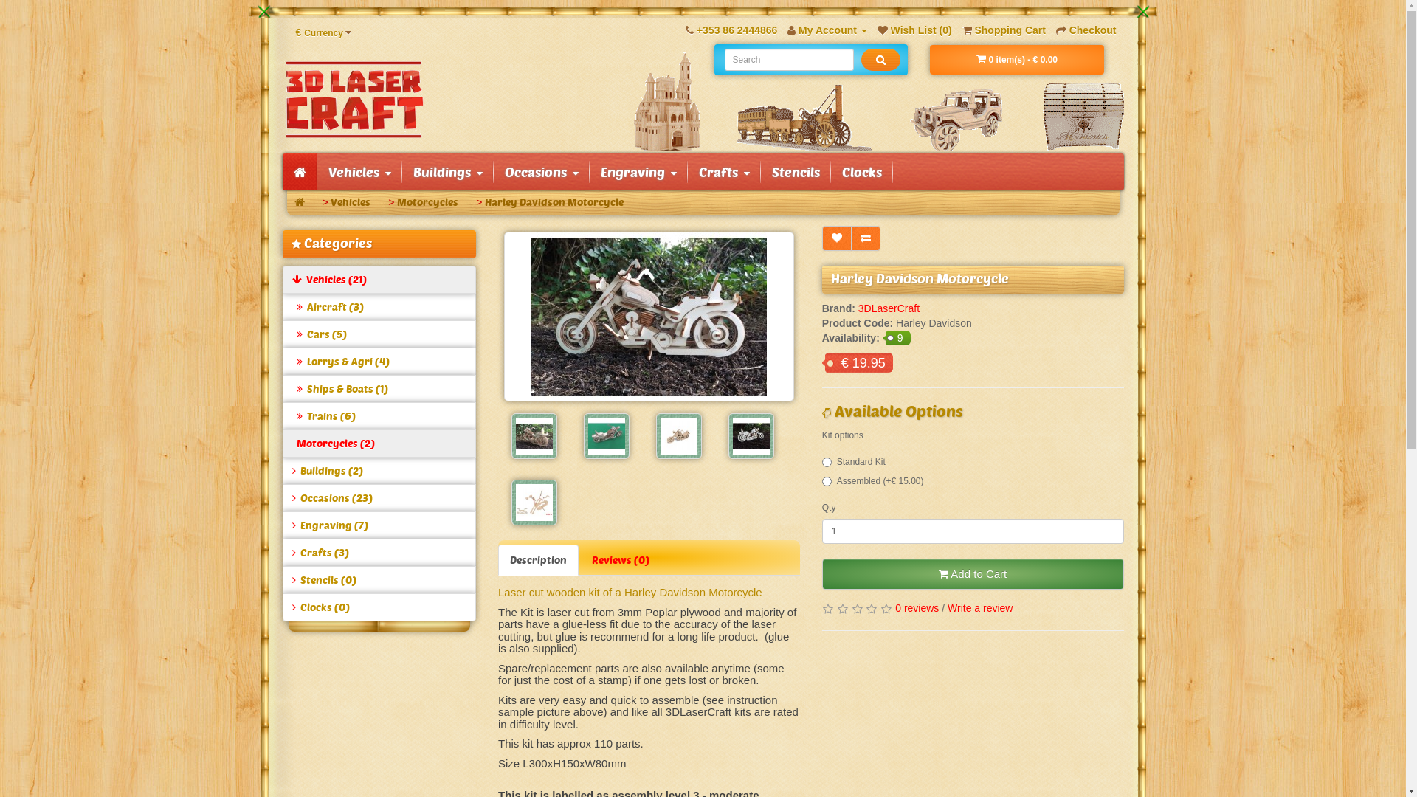 This screenshot has width=1417, height=797. What do you see at coordinates (282, 306) in the screenshot?
I see `'    Aircraft (3)'` at bounding box center [282, 306].